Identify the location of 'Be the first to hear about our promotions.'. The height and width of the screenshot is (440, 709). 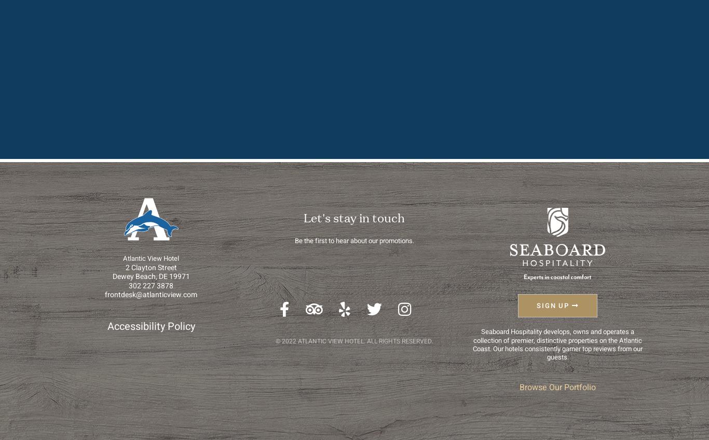
(353, 241).